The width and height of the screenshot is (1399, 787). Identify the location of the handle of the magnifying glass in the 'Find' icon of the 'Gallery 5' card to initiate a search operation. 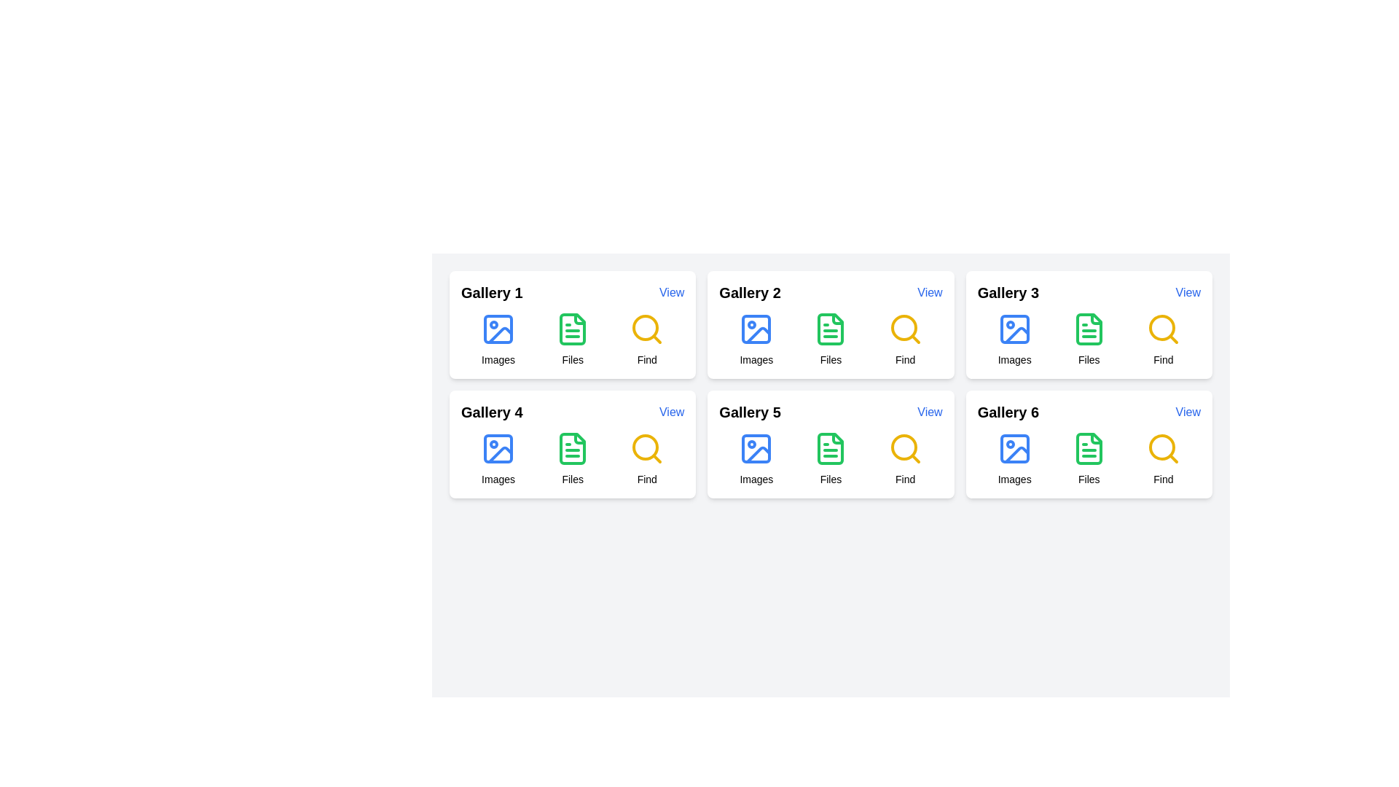
(914, 458).